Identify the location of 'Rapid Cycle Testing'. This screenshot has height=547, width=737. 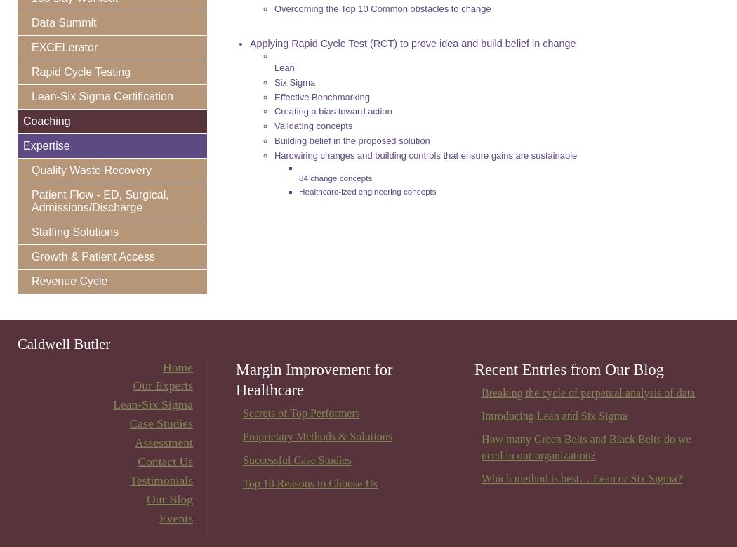
(31, 71).